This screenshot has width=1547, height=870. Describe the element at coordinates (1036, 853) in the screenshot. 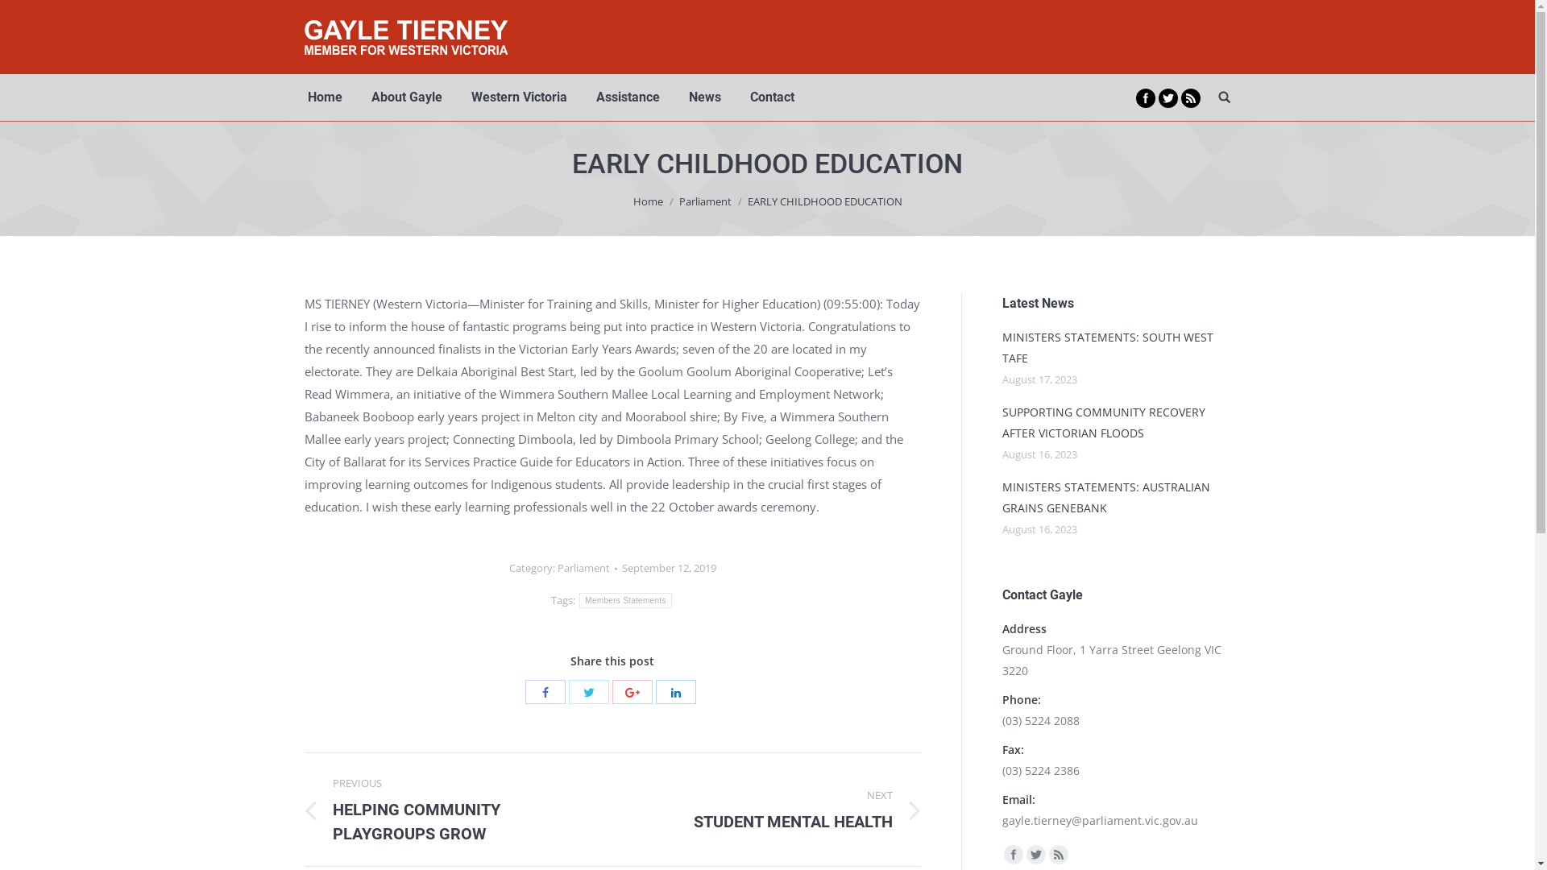

I see `'Twitter'` at that location.